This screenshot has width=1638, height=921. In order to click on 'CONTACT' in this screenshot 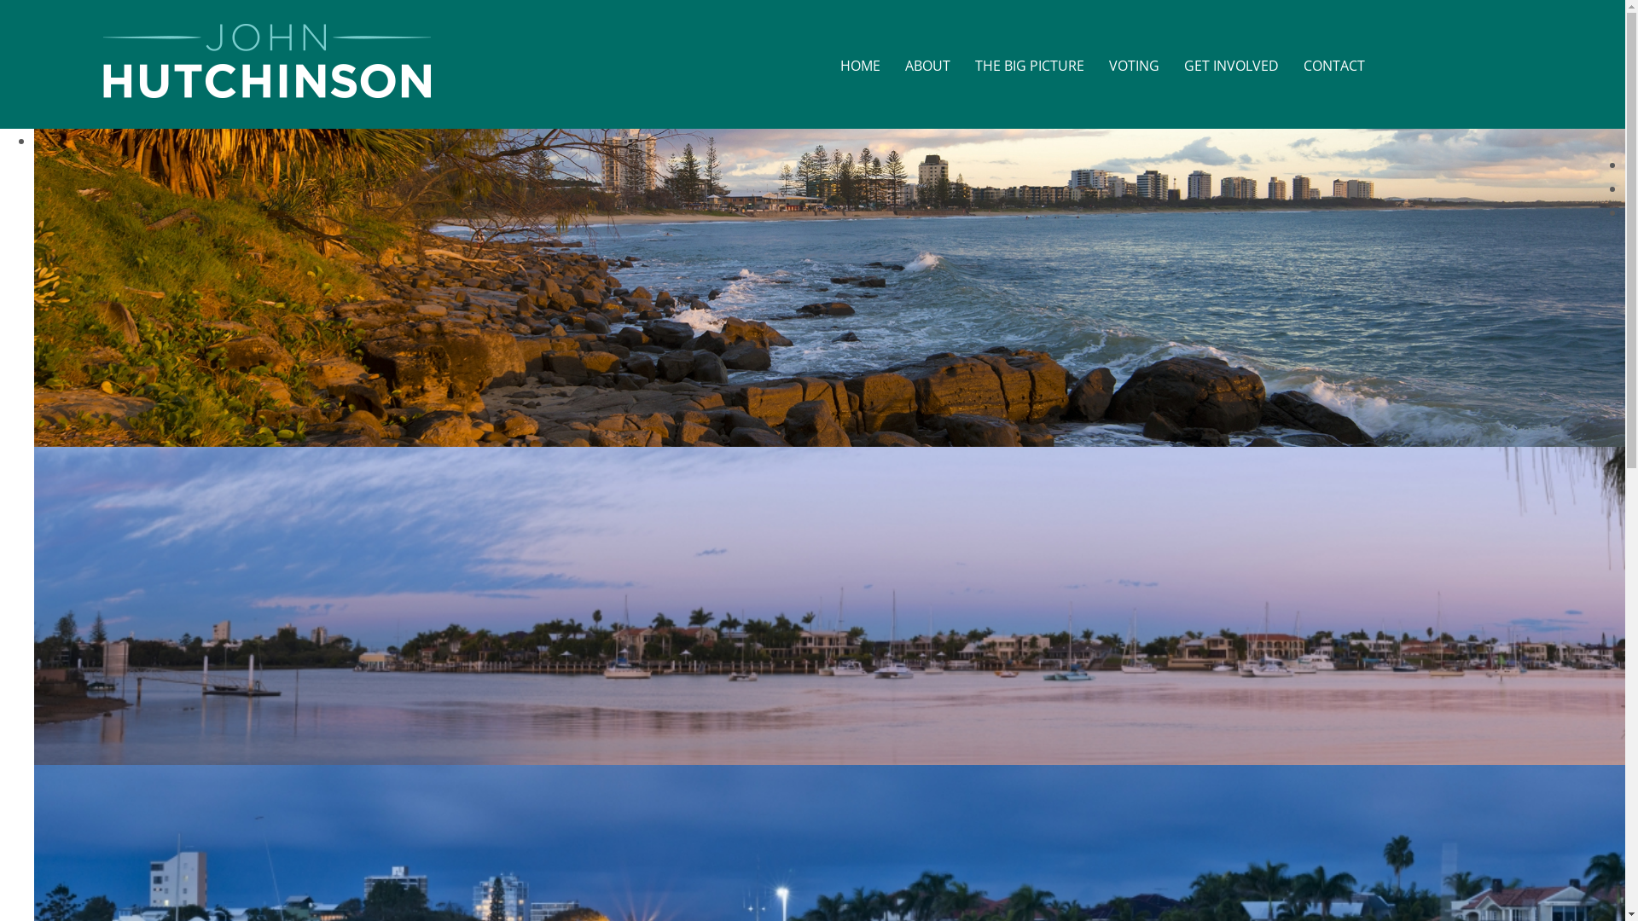, I will do `click(1333, 66)`.